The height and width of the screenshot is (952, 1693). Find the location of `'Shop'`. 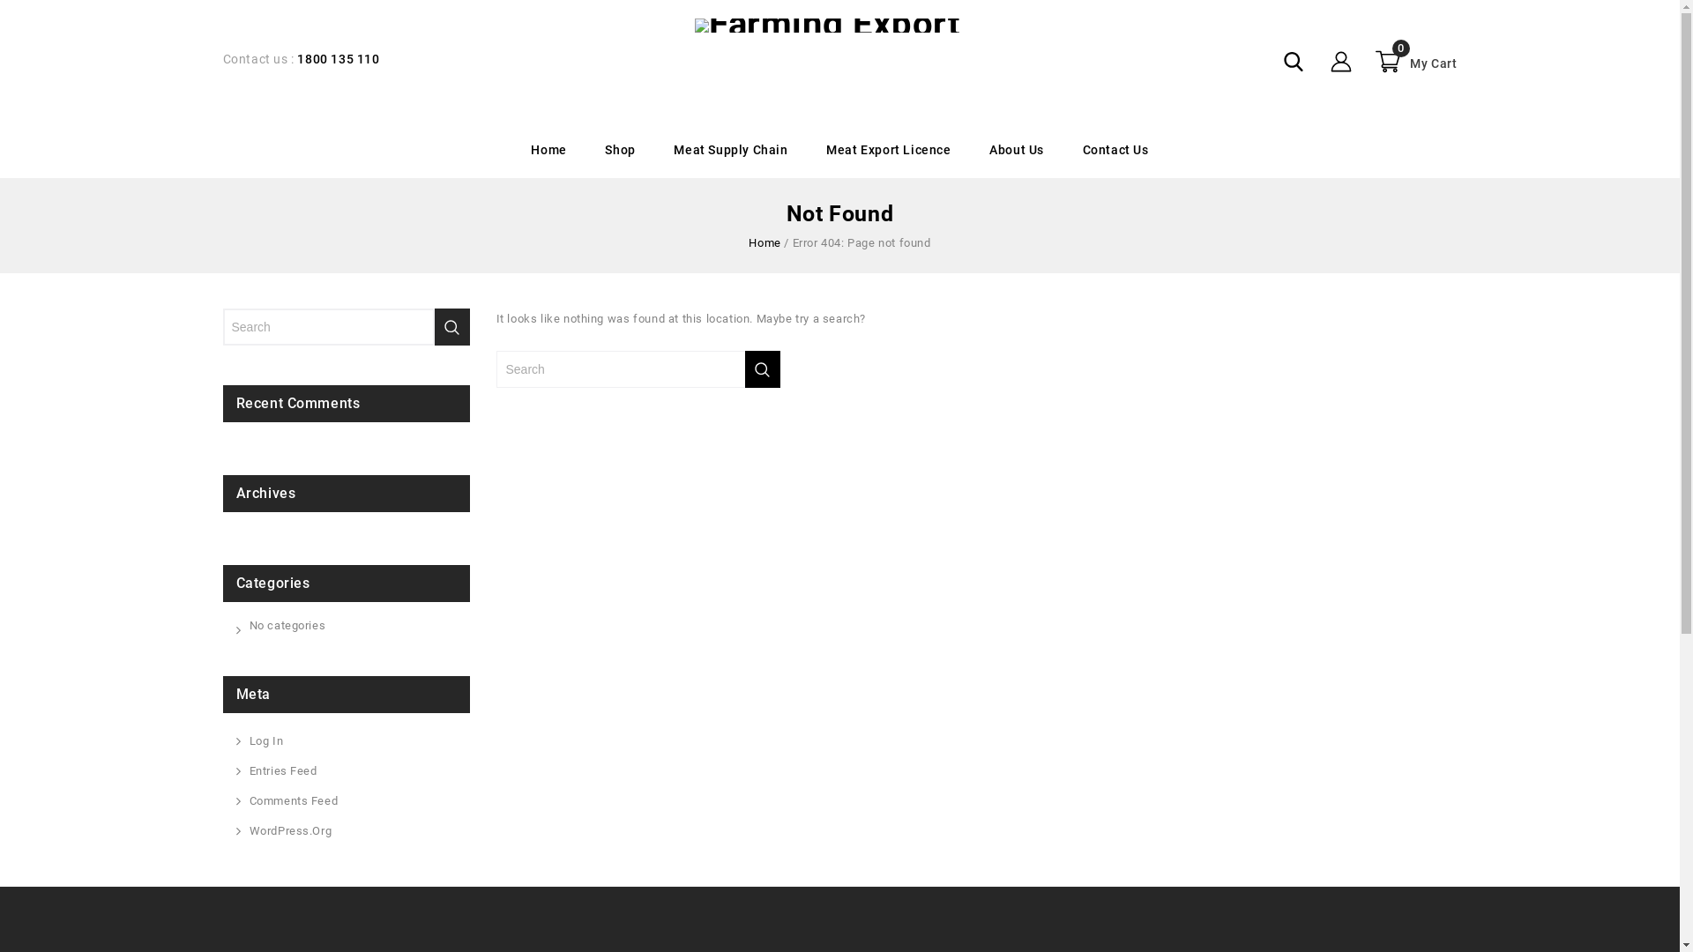

'Shop' is located at coordinates (619, 149).